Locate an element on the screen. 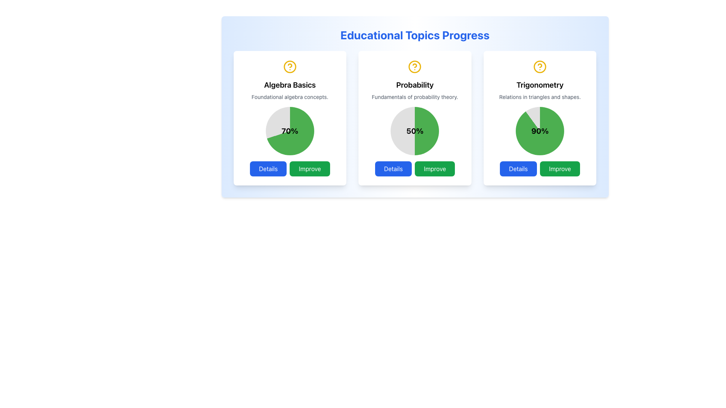 This screenshot has width=726, height=408. small, gray text located below the bold 'Probability' heading in the middle card of a three-card layout is located at coordinates (414, 97).